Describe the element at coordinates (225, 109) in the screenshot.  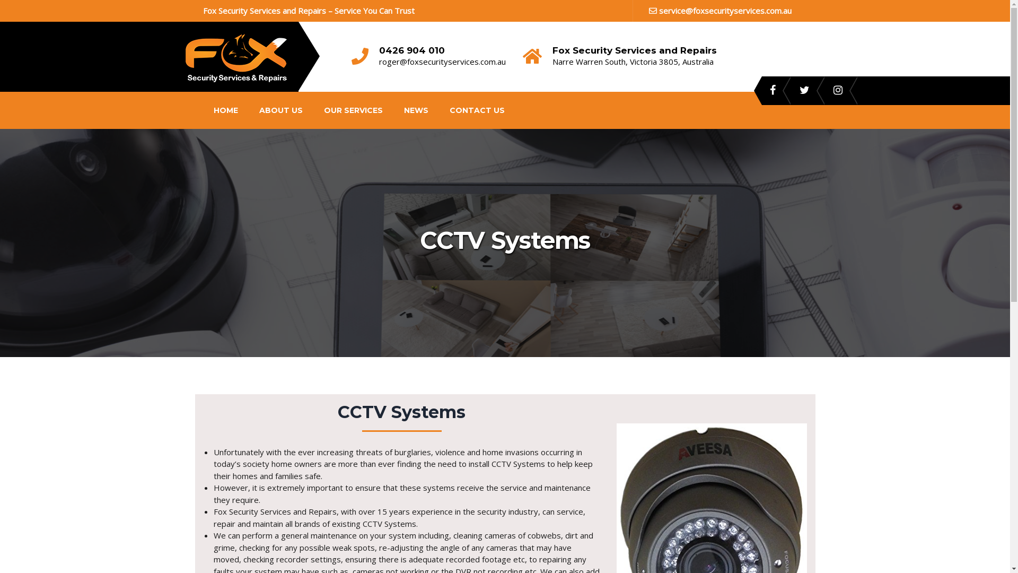
I see `'HOME'` at that location.